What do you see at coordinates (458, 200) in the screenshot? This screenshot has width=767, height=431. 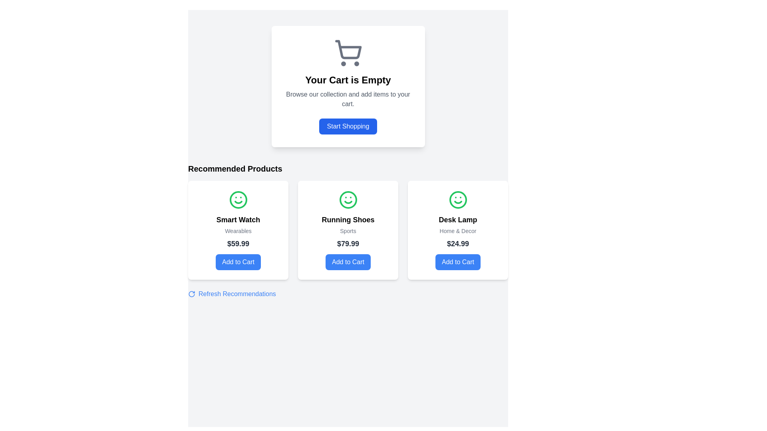 I see `the innermost circular component of the smiley face icon located within the card labeled 'Desk Lamp' in the third column of the three-column layout under 'Recommended Products'` at bounding box center [458, 200].